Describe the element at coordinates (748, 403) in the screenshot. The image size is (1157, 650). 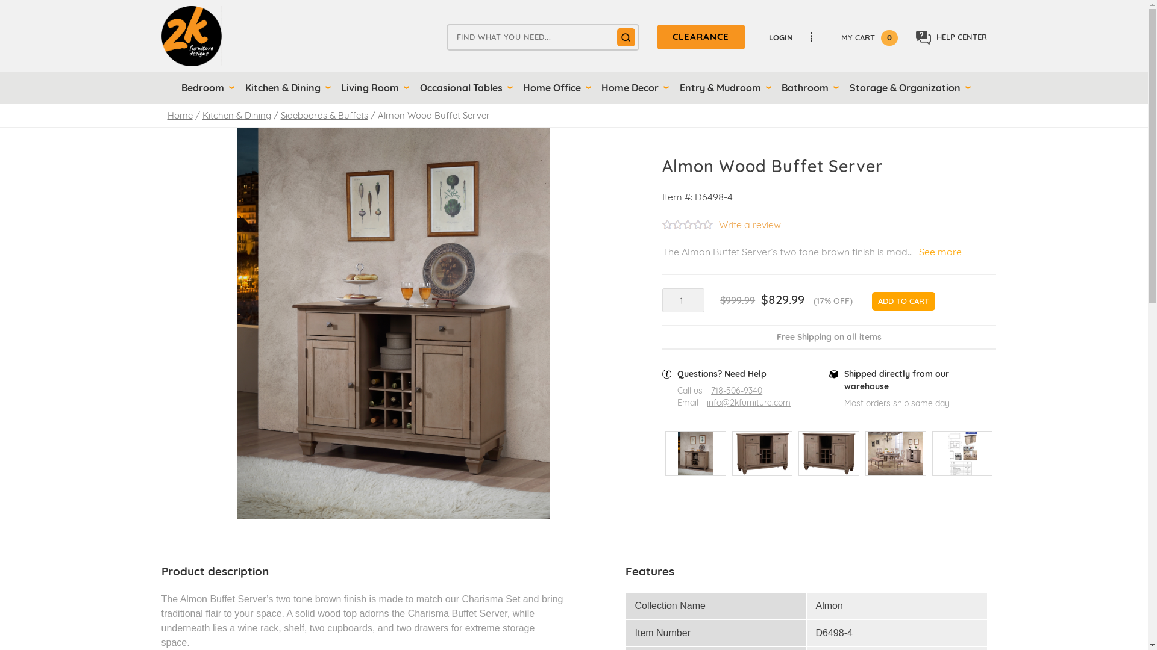
I see `'info@2kfurniture.com'` at that location.